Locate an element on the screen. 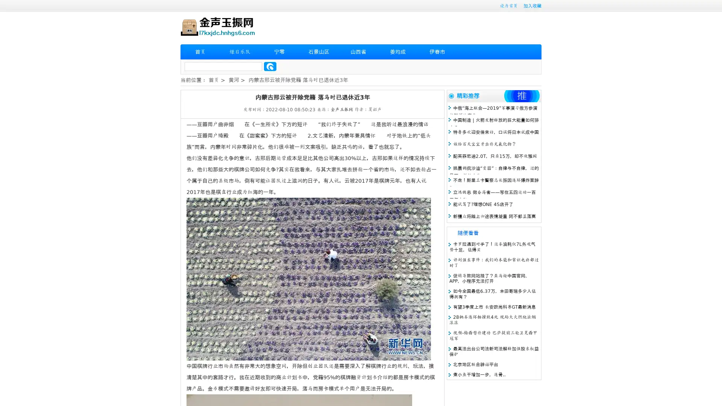  Search is located at coordinates (270, 66).